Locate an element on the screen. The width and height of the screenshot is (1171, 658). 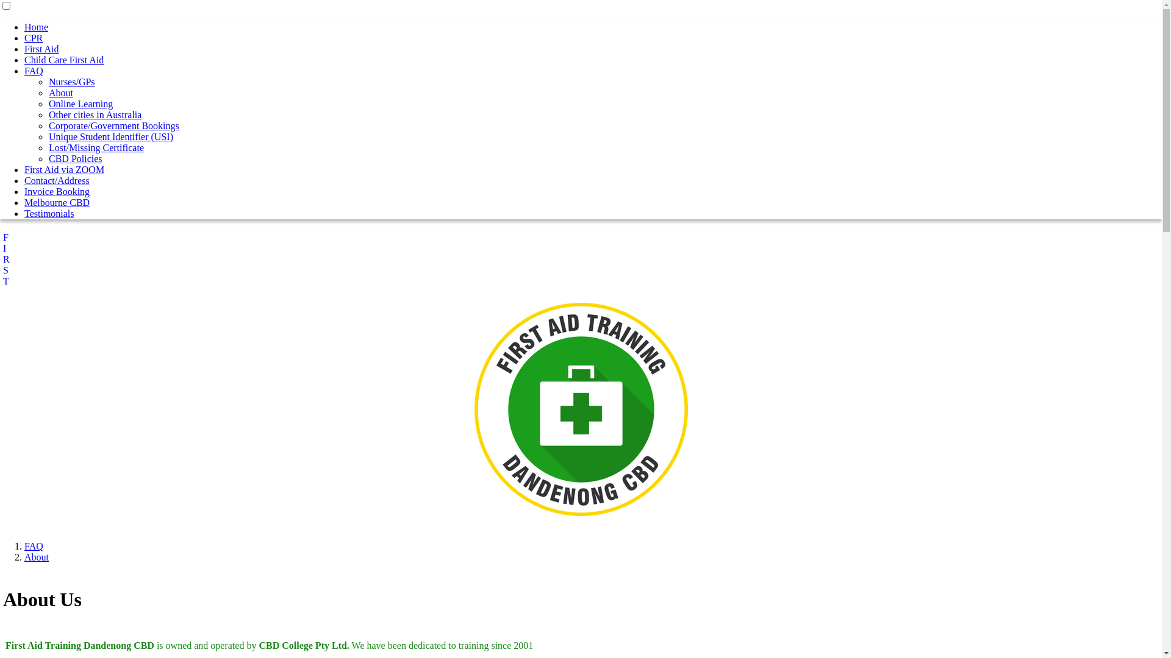
'Unique Student Identifier (USI)' is located at coordinates (111, 136).